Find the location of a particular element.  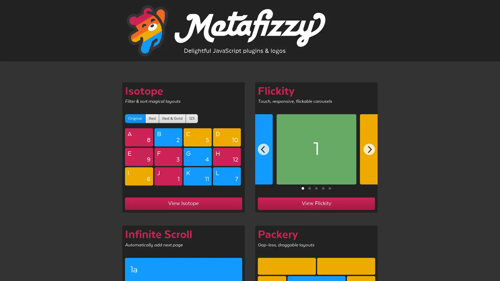

Red is located at coordinates (152, 118).